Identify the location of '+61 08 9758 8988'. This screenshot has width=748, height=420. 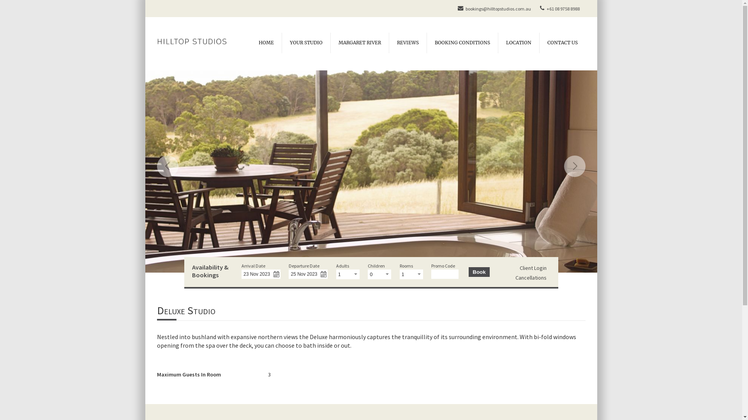
(536, 9).